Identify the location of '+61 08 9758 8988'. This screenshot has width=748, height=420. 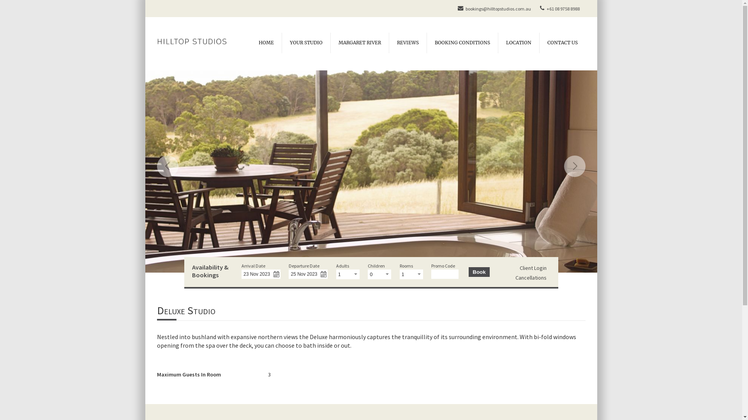
(536, 9).